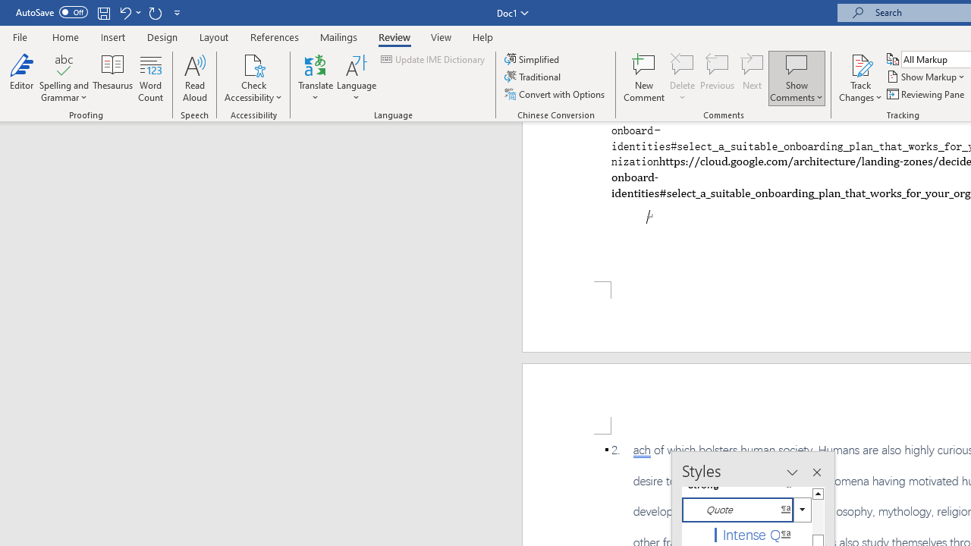 Image resolution: width=971 pixels, height=546 pixels. What do you see at coordinates (315, 78) in the screenshot?
I see `'Translate'` at bounding box center [315, 78].